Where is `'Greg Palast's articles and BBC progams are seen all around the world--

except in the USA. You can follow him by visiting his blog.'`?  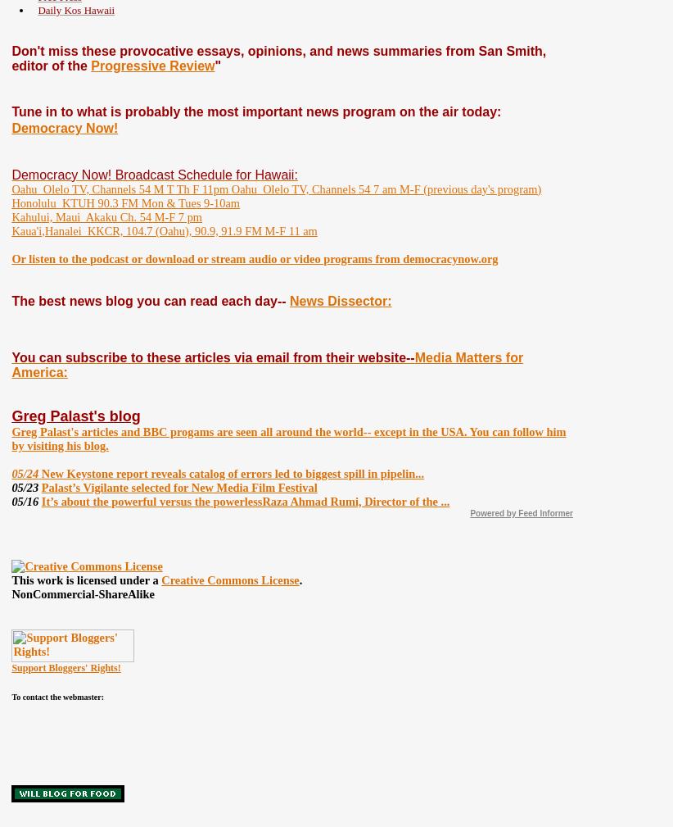
'Greg Palast's articles and BBC progams are seen all around the world--

except in the USA. You can follow him by visiting his blog.' is located at coordinates (287, 438).